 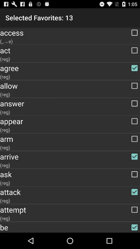 I want to click on the app below the (reg)  app, so click(x=70, y=174).